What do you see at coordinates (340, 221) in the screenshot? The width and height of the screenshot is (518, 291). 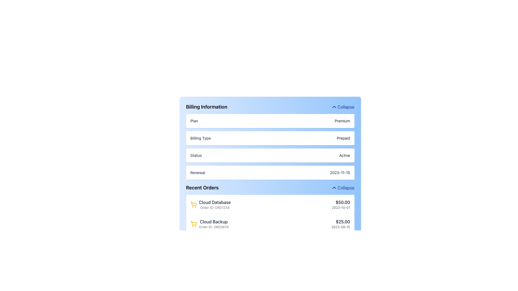 I see `the text element displaying the value '$25.00' in the 'Recent Orders' section, which is aligned to the right in the second order row` at bounding box center [340, 221].